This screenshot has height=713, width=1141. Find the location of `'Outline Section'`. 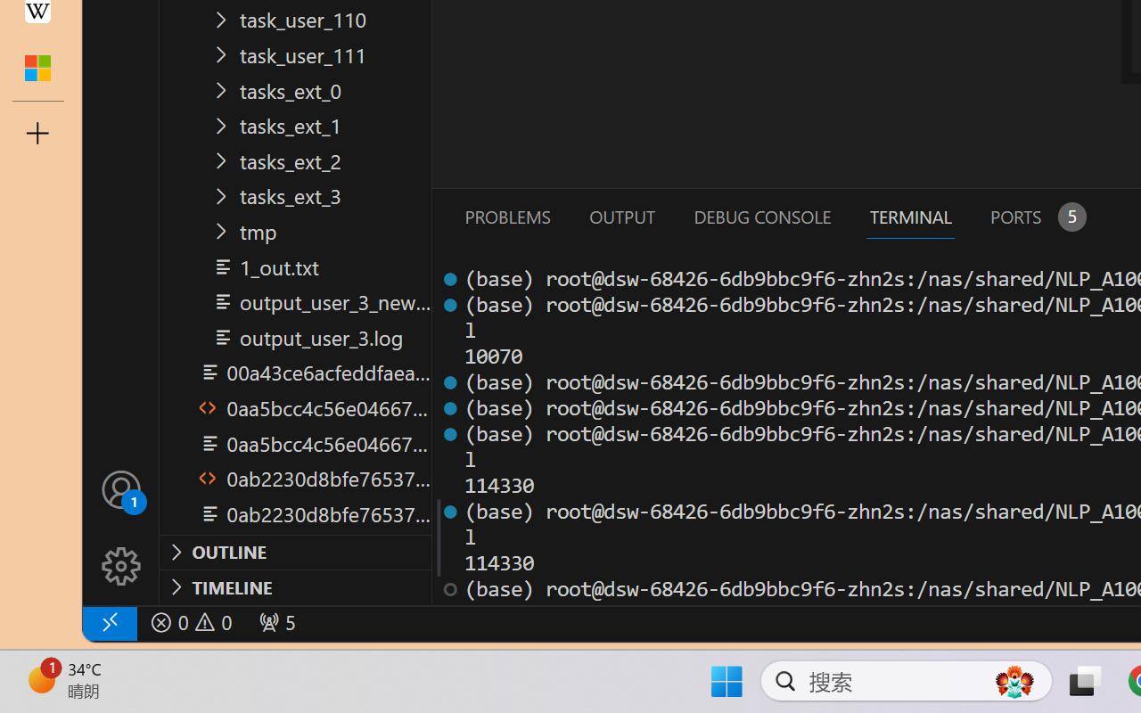

'Outline Section' is located at coordinates (295, 552).